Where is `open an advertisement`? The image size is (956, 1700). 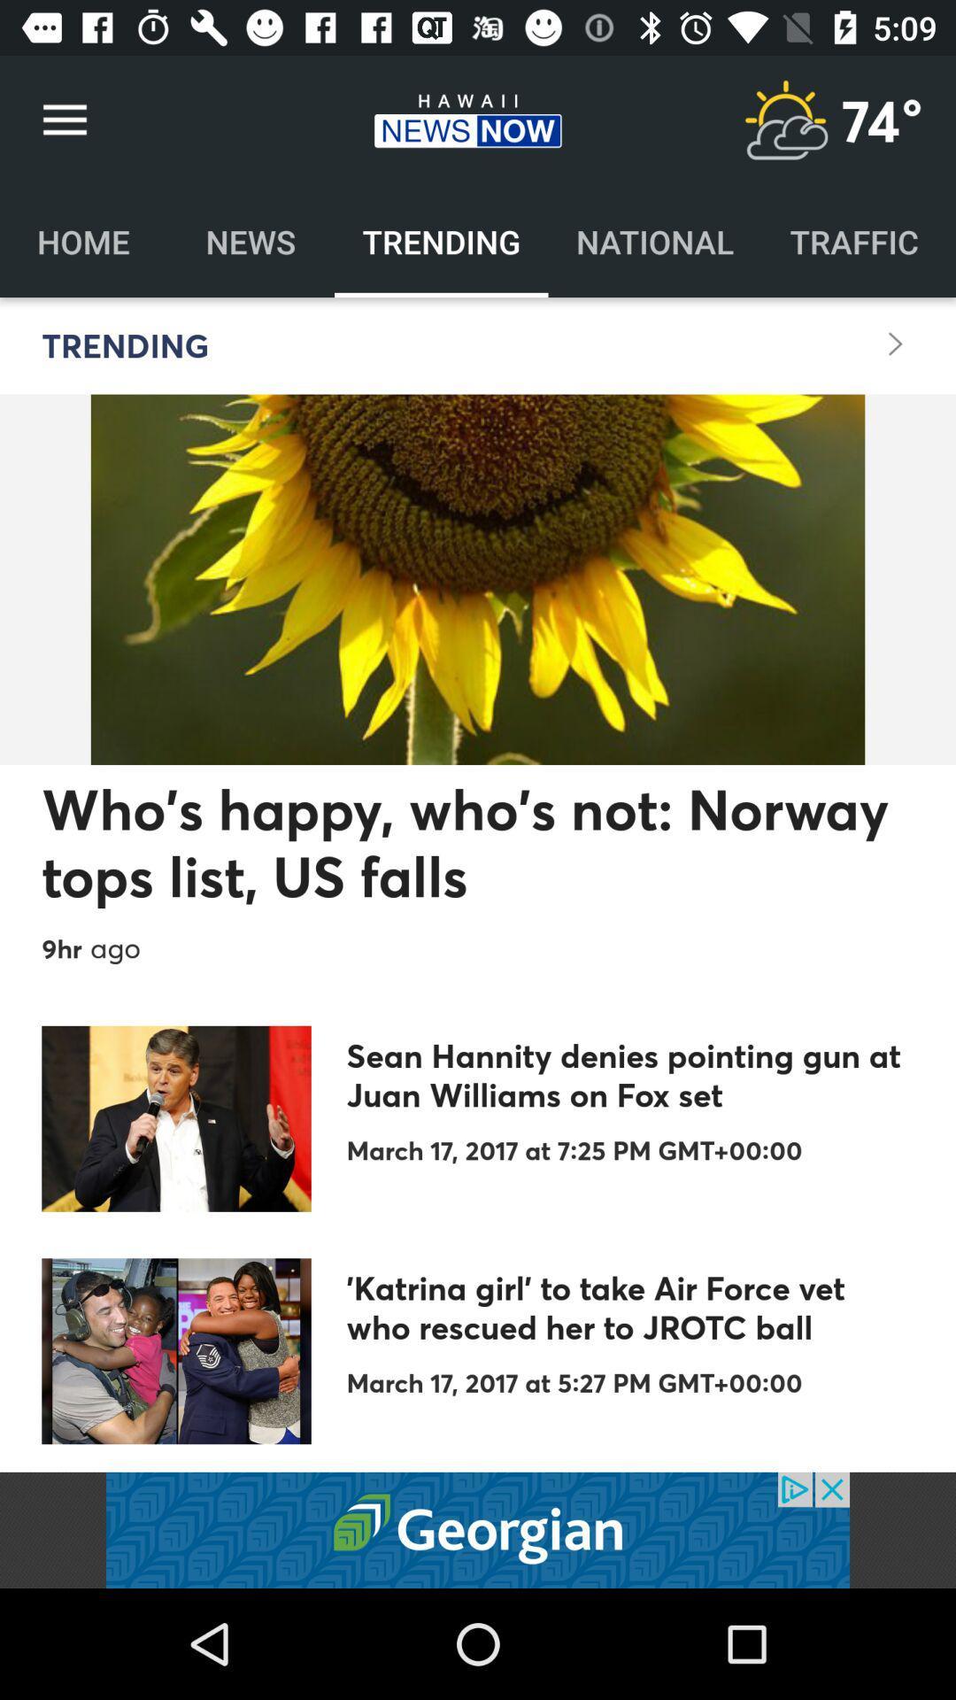 open an advertisement is located at coordinates (478, 1529).